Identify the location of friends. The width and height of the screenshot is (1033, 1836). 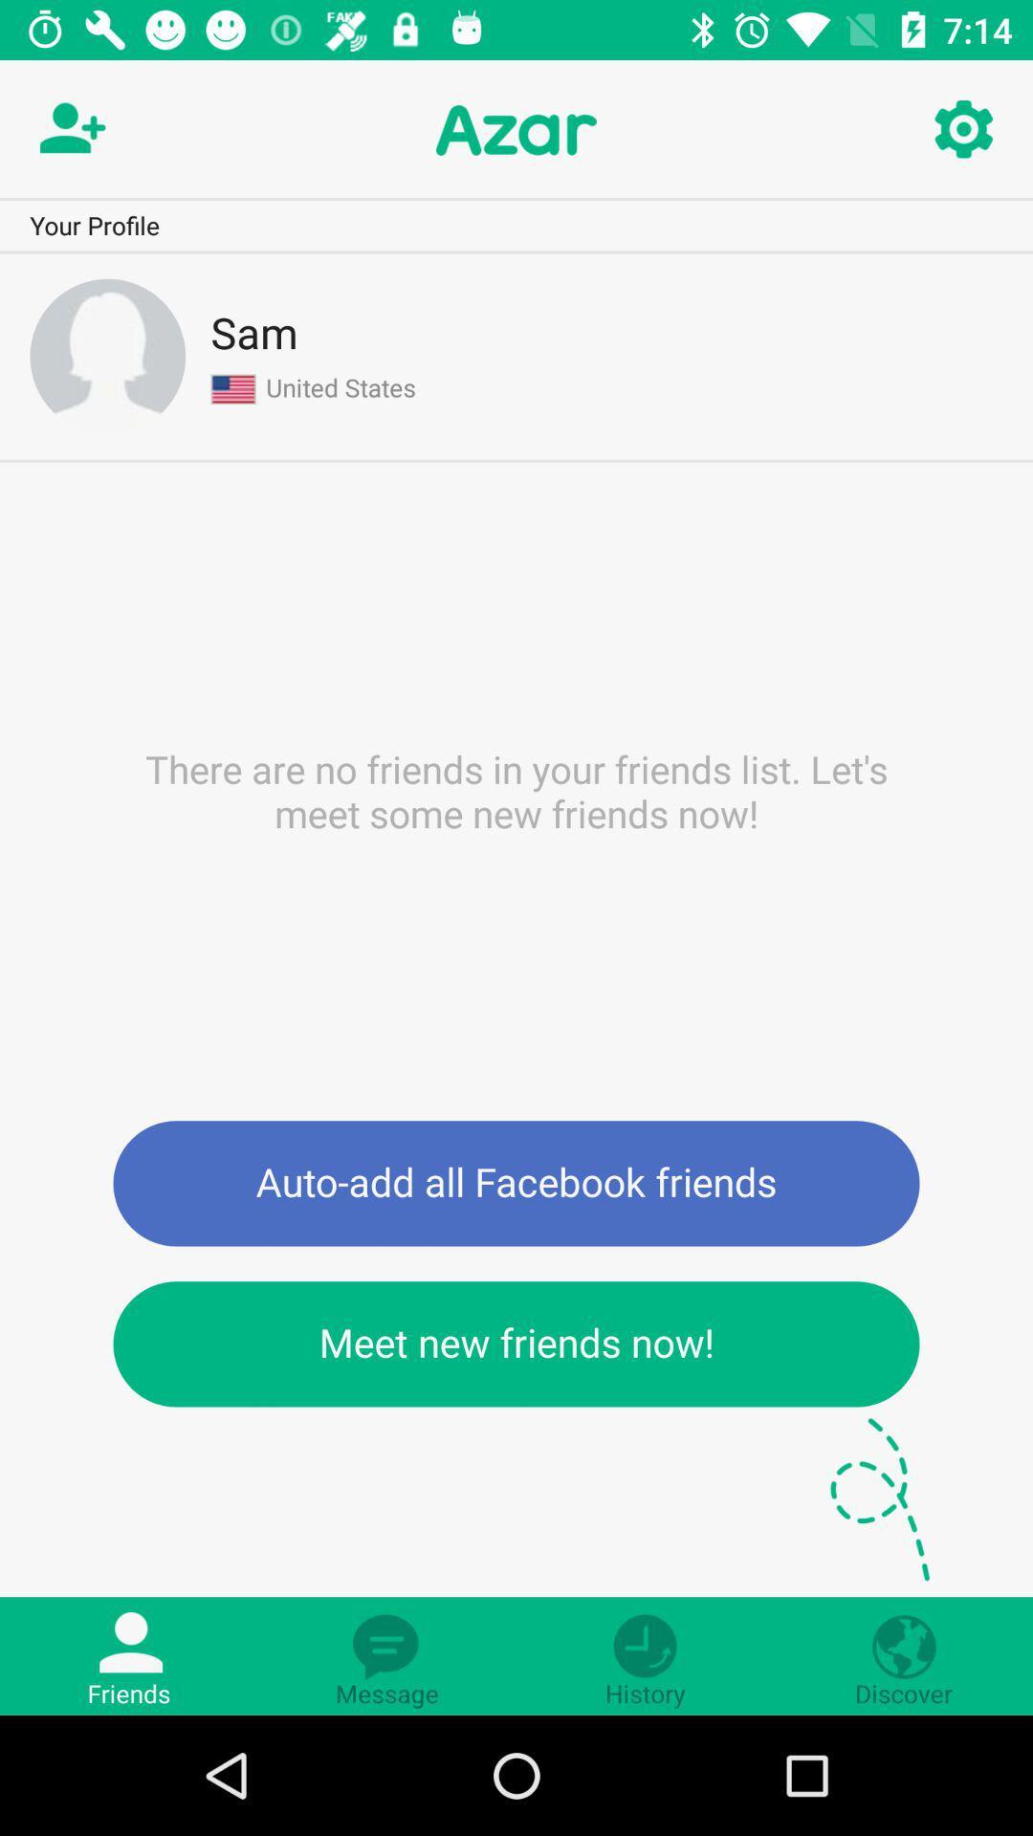
(69, 129).